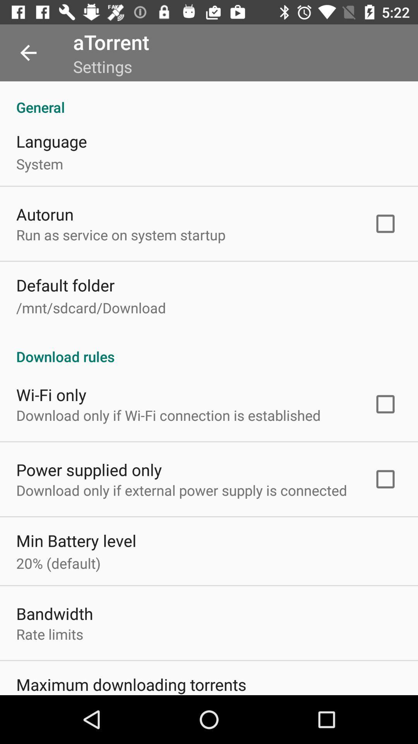 This screenshot has width=418, height=744. Describe the element at coordinates (121, 234) in the screenshot. I see `item below autorun` at that location.